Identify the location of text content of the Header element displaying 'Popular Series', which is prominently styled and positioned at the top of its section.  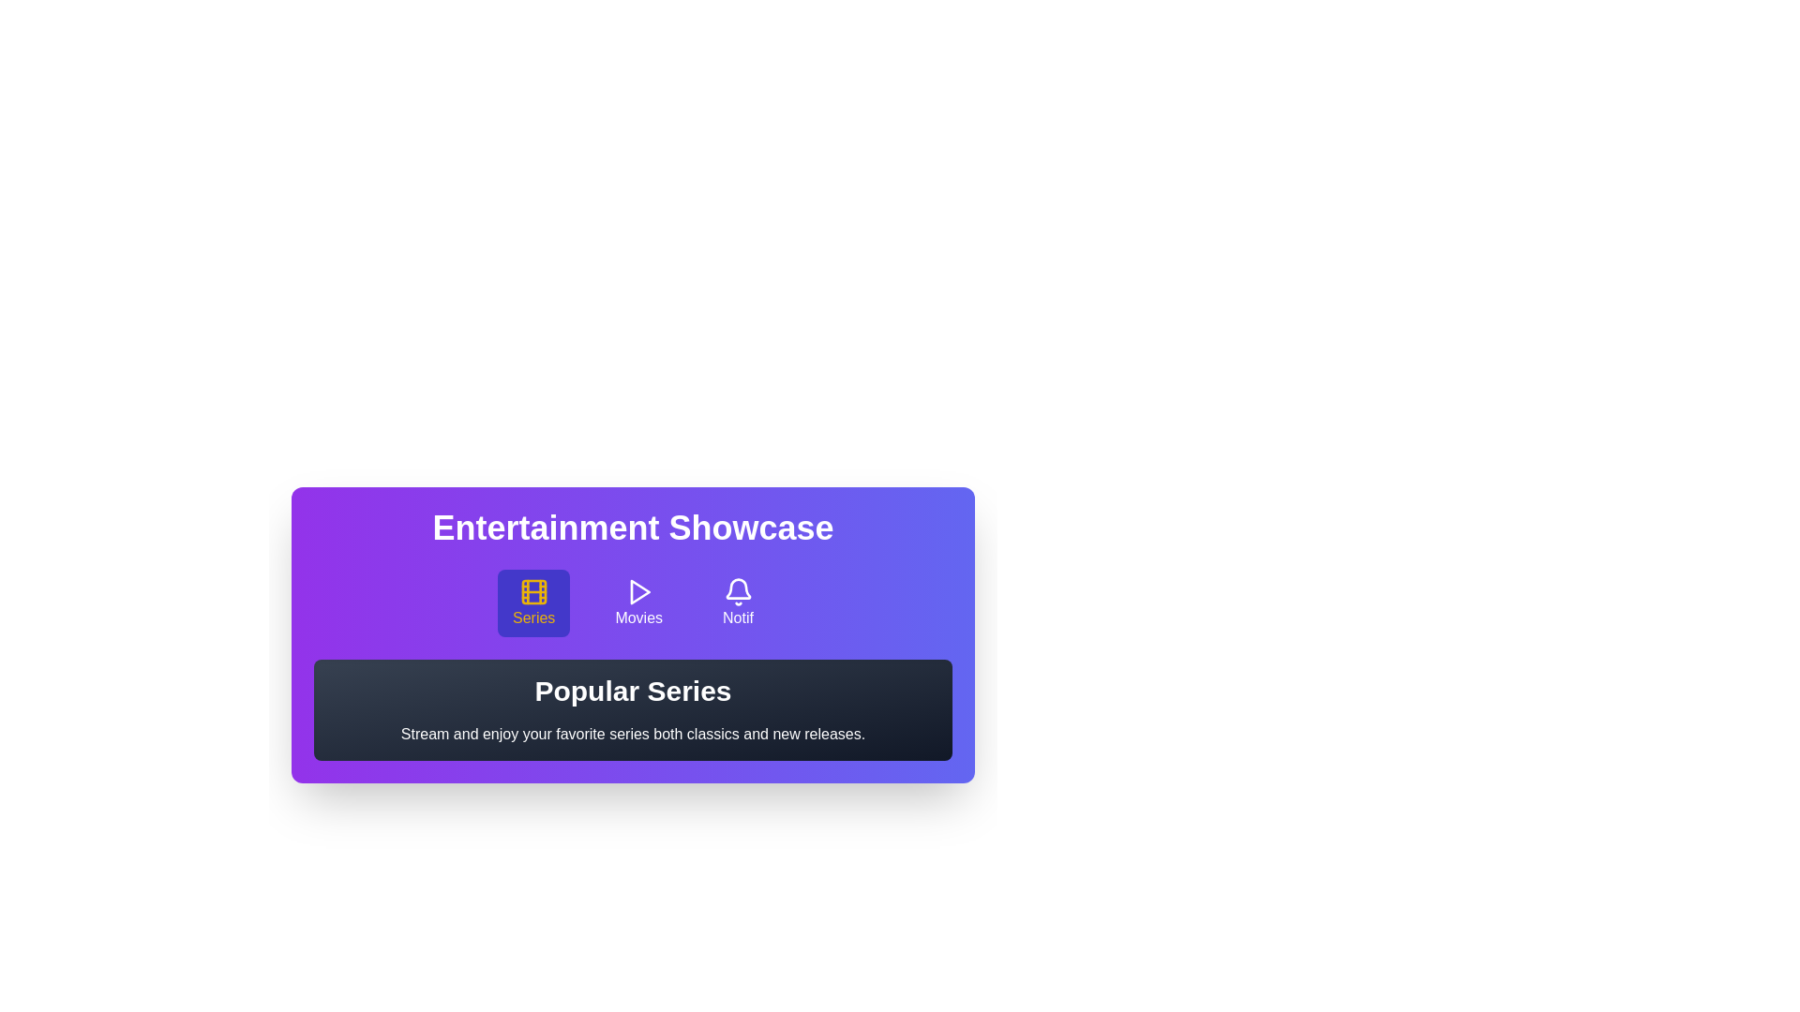
(633, 691).